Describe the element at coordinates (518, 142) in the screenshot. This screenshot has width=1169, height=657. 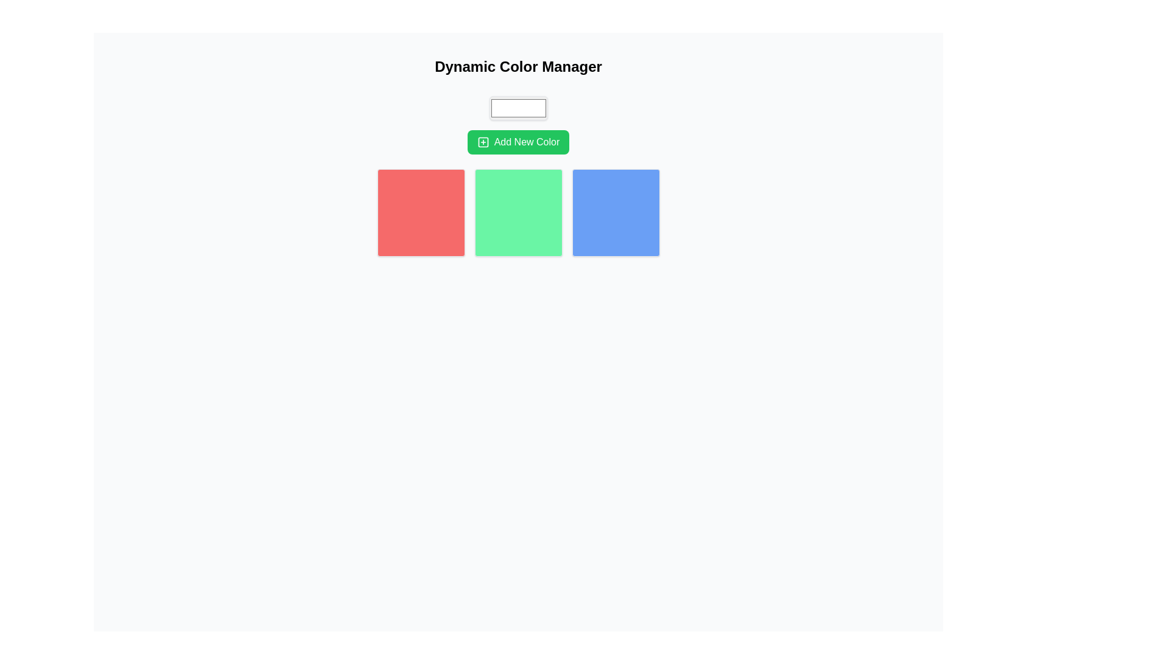
I see `the rectangular button with a green background and white text reading 'Add New Color'` at that location.